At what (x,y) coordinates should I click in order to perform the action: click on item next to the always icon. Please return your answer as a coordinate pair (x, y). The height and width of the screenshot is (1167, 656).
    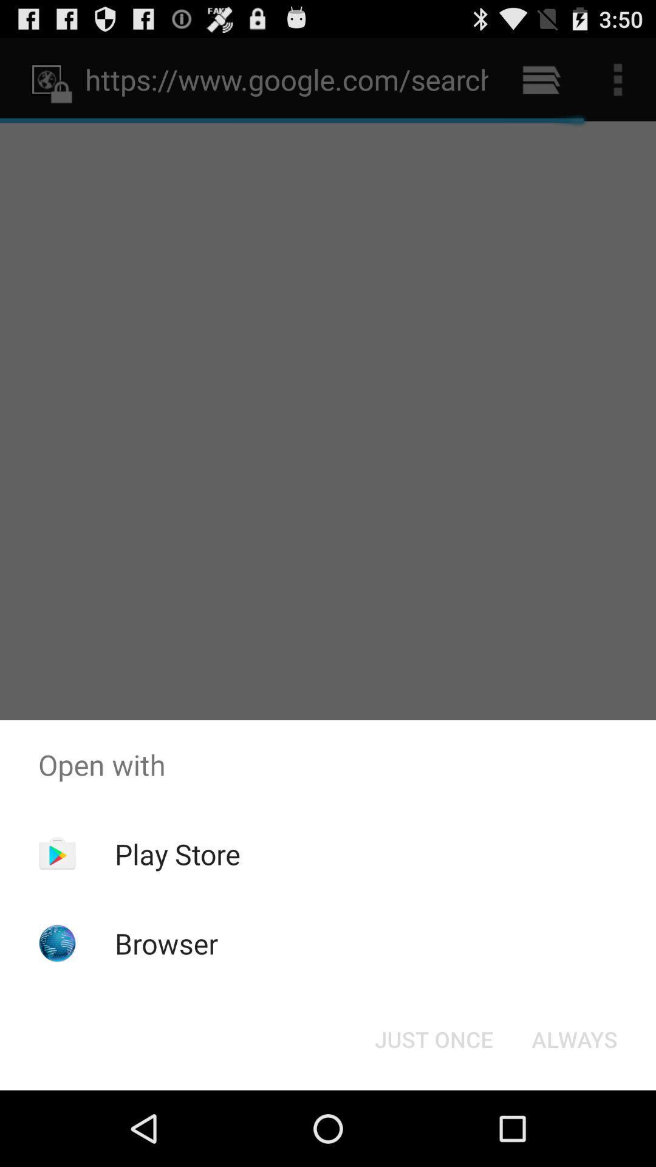
    Looking at the image, I should click on (433, 1038).